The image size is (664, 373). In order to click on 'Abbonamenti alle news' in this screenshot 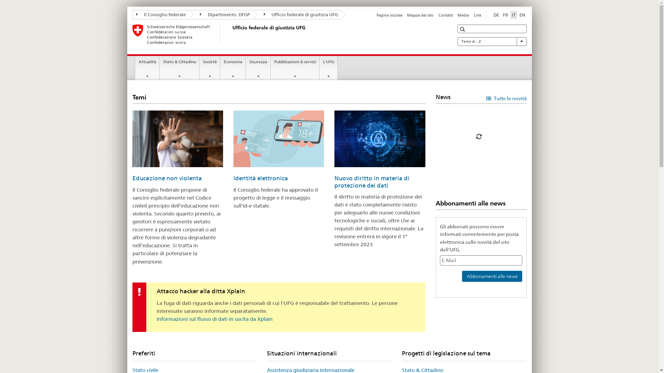, I will do `click(491, 276)`.